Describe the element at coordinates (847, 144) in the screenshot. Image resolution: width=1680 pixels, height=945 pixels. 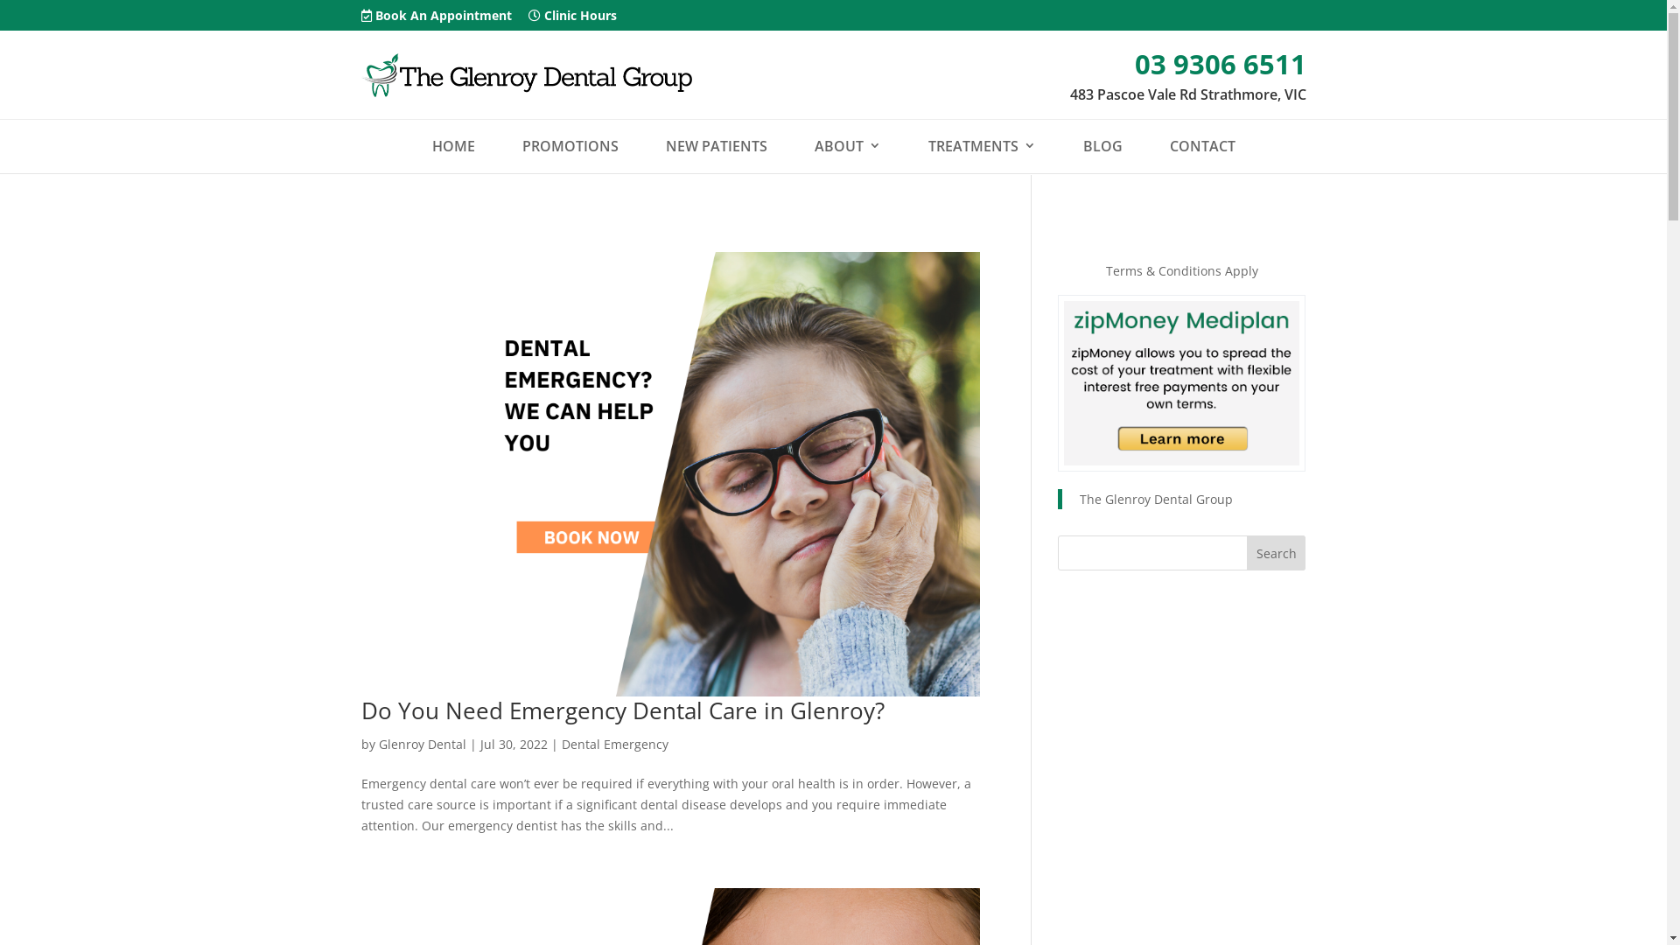
I see `'ABOUT'` at that location.